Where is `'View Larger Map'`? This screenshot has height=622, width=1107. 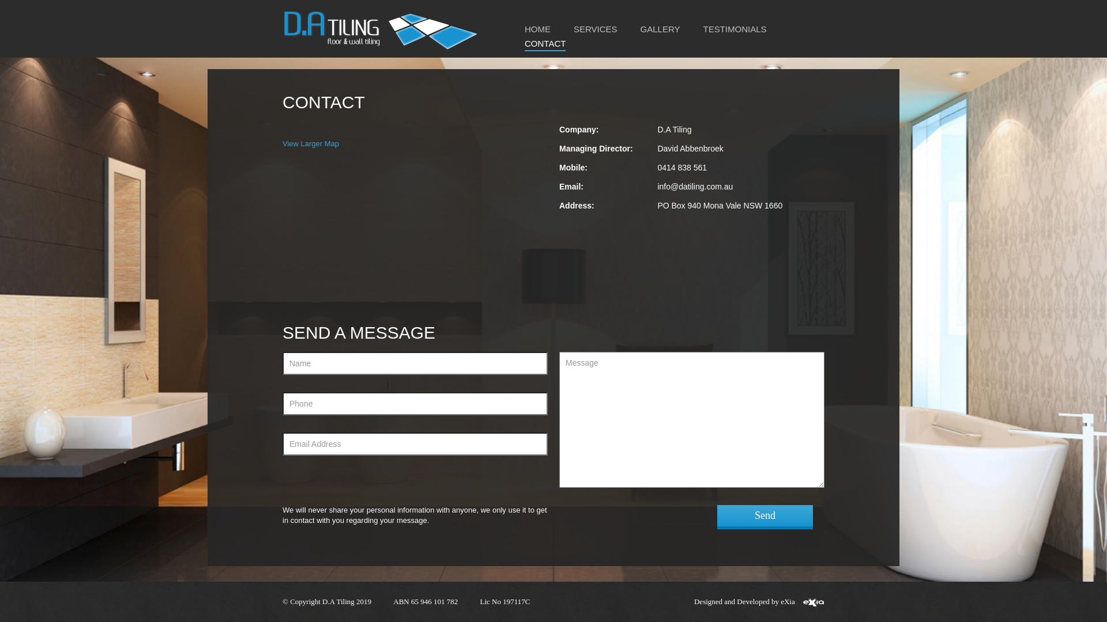 'View Larger Map' is located at coordinates (282, 143).